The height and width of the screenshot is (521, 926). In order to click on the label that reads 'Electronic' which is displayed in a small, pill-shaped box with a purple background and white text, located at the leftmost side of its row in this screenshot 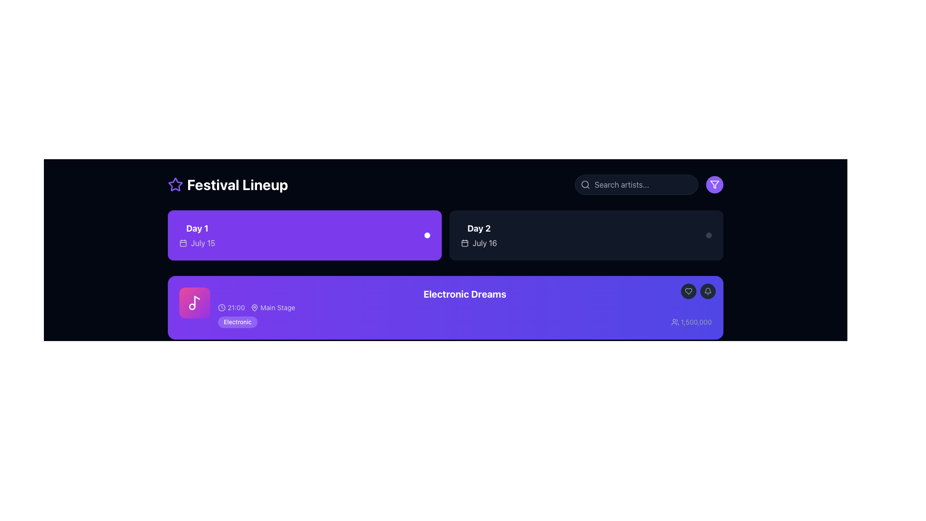, I will do `click(237, 322)`.